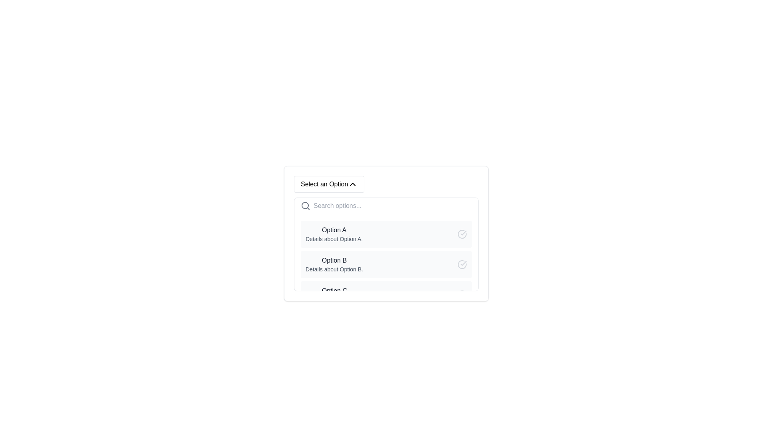 The height and width of the screenshot is (431, 767). Describe the element at coordinates (329, 184) in the screenshot. I see `the rectangular button labeled 'Select an Option'` at that location.